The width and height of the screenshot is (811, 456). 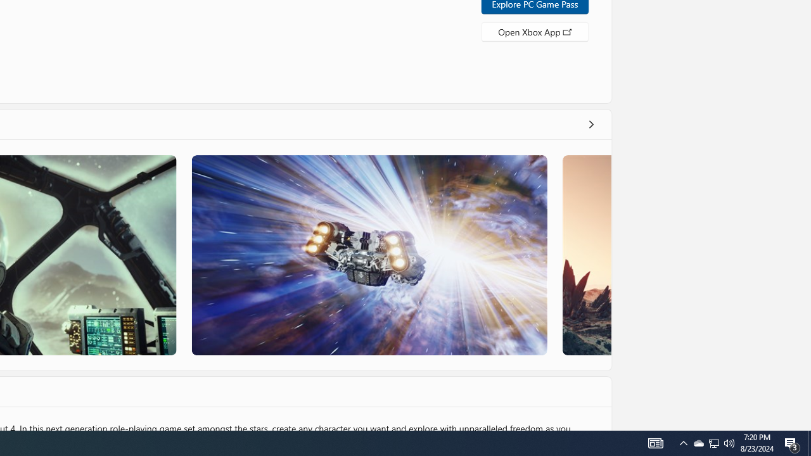 What do you see at coordinates (590, 123) in the screenshot?
I see `'See all'` at bounding box center [590, 123].